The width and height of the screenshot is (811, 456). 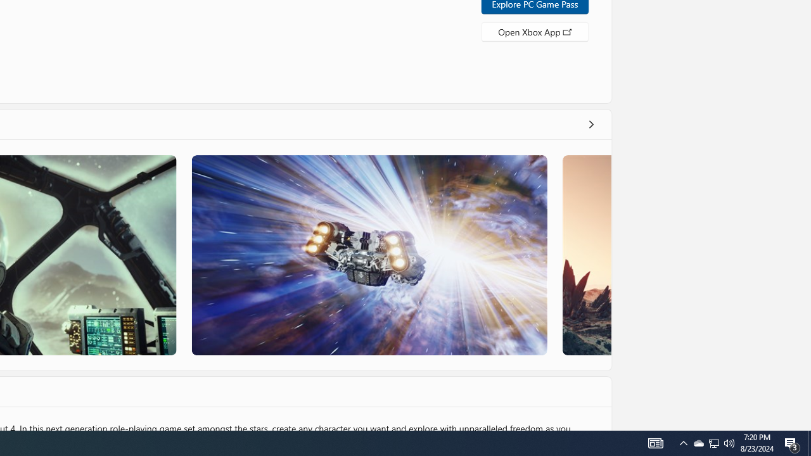 What do you see at coordinates (590, 123) in the screenshot?
I see `'See all'` at bounding box center [590, 123].